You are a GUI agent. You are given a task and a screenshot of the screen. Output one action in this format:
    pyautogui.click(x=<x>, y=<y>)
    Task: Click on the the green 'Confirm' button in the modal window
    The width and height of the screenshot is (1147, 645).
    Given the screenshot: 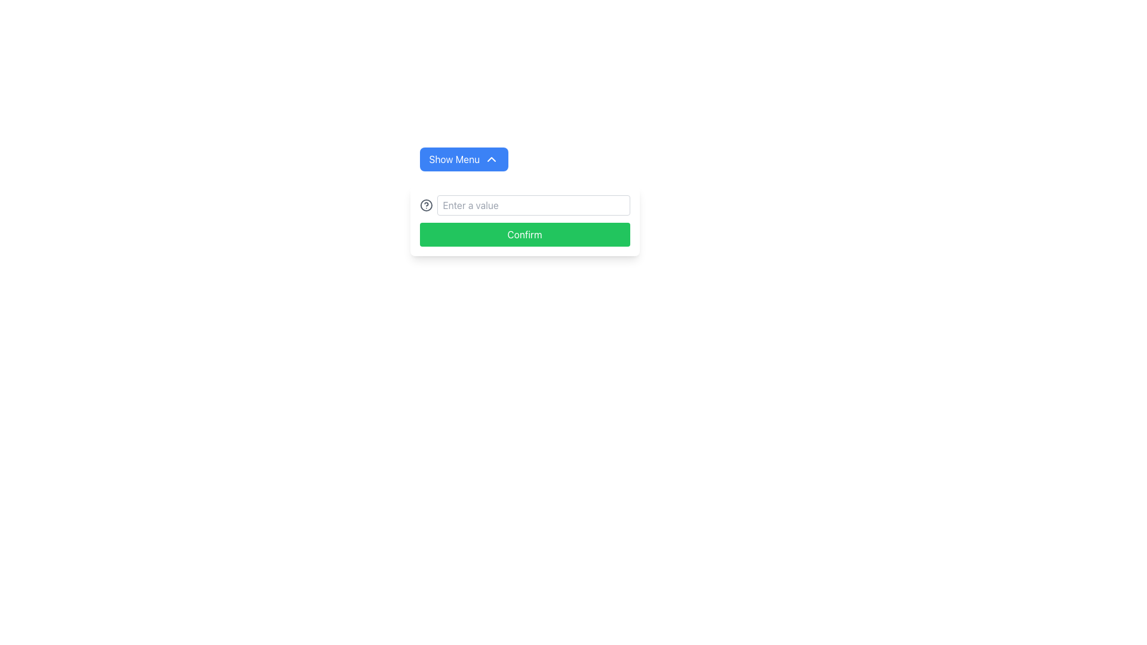 What is the action you would take?
    pyautogui.click(x=525, y=221)
    